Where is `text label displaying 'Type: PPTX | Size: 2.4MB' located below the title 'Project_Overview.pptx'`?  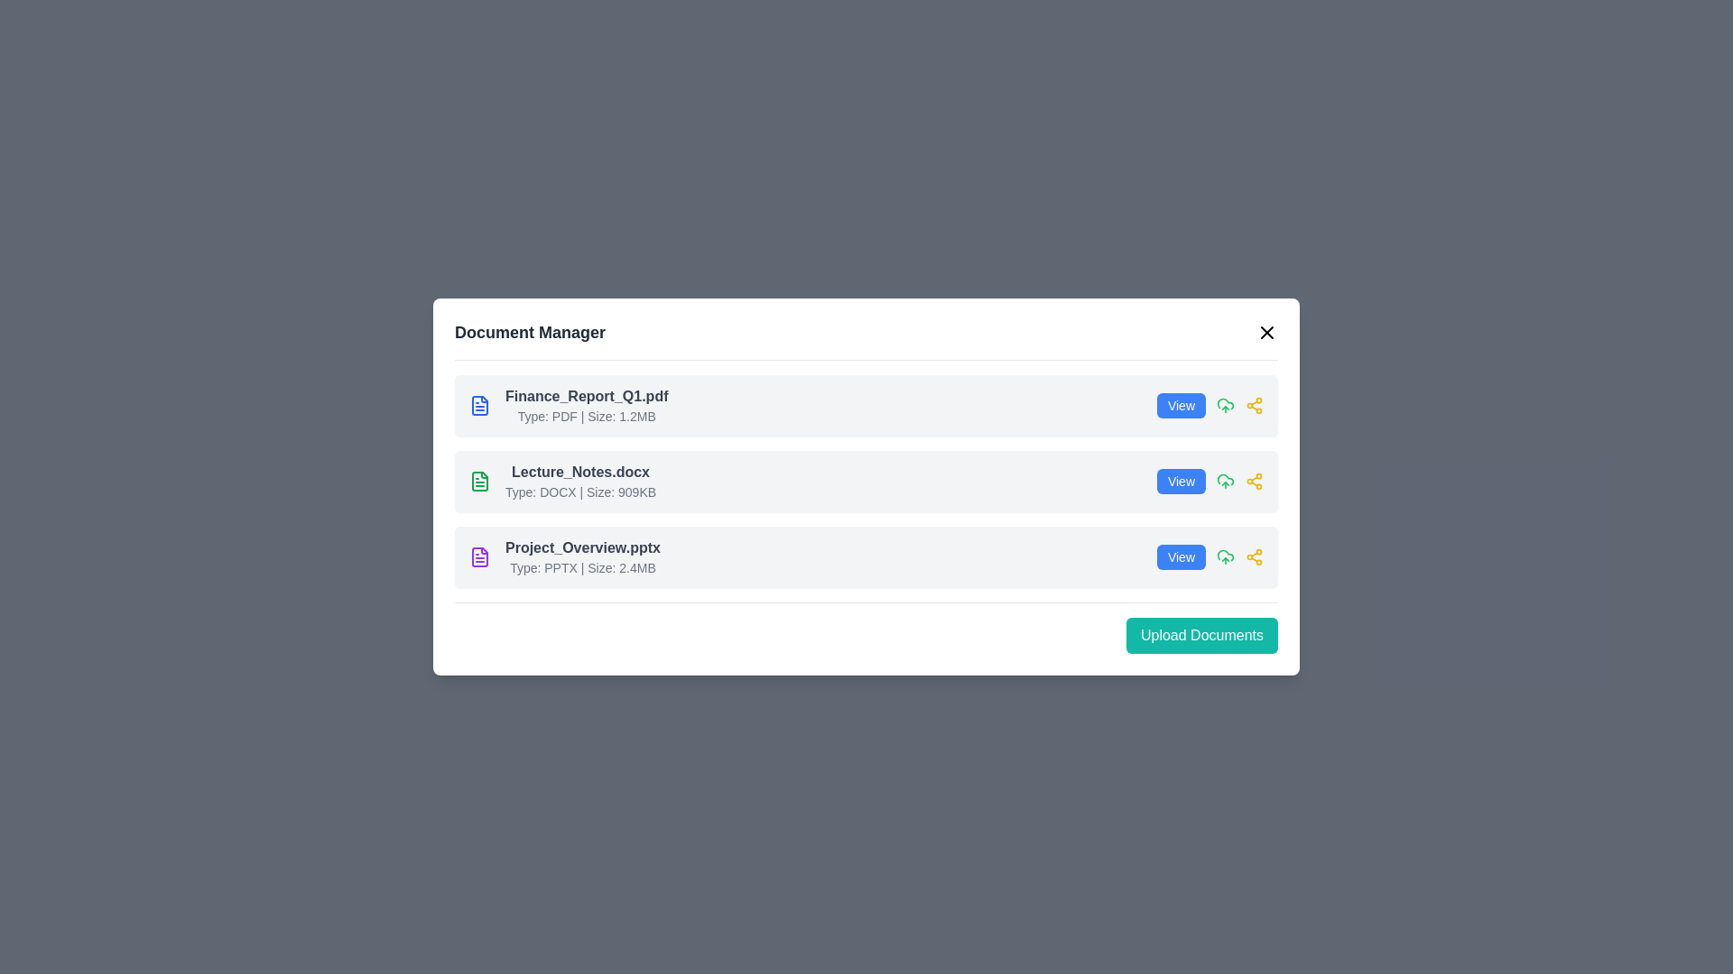
text label displaying 'Type: PPTX | Size: 2.4MB' located below the title 'Project_Overview.pptx' is located at coordinates (582, 566).